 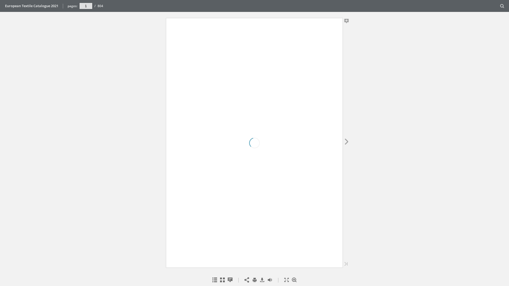 I want to click on 'Download', so click(x=262, y=280).